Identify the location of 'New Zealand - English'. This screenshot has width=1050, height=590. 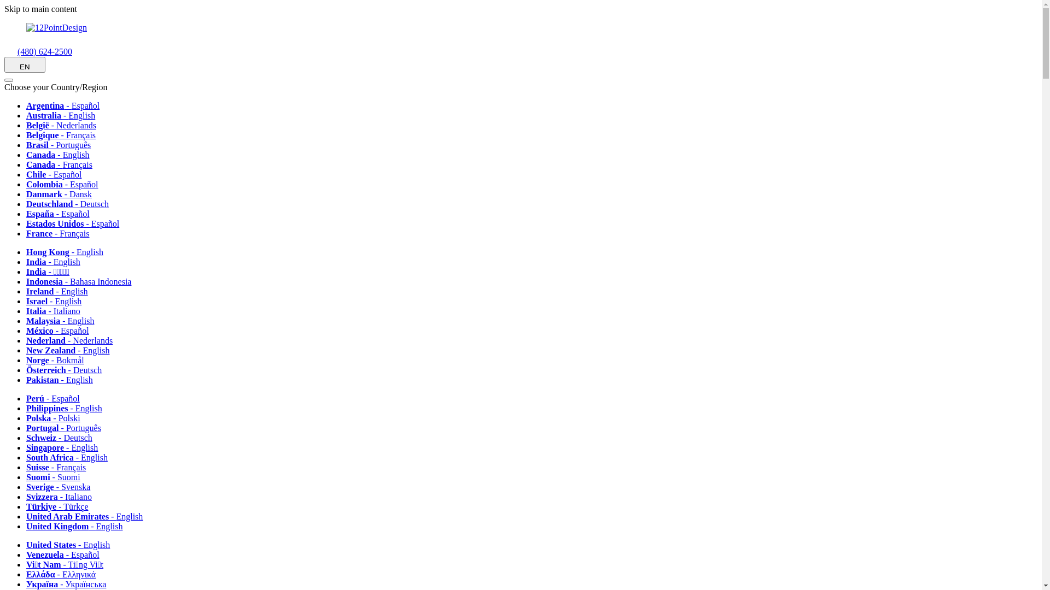
(71, 350).